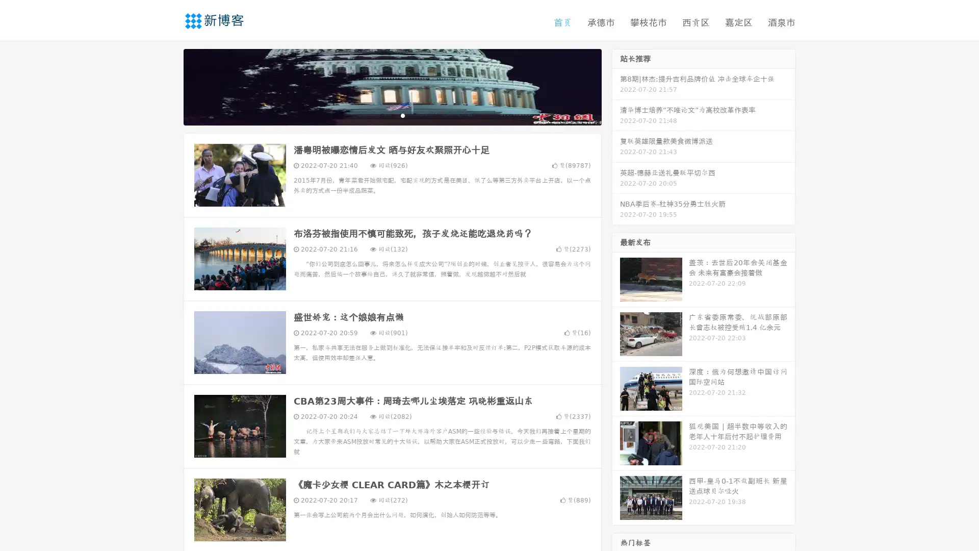 This screenshot has width=979, height=551. What do you see at coordinates (168, 86) in the screenshot?
I see `Previous slide` at bounding box center [168, 86].